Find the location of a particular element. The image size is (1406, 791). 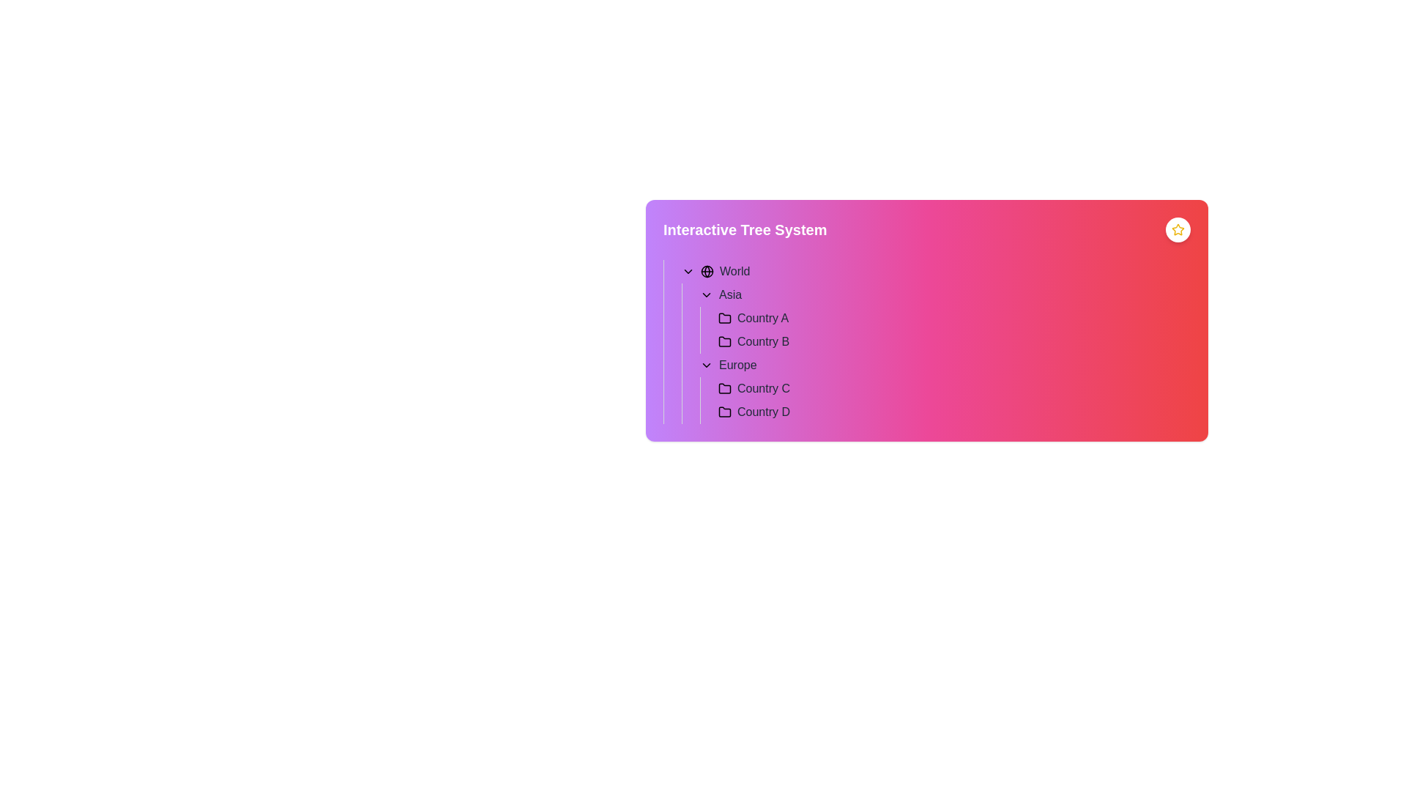

the chevron-down icon that controls the expansion and collapse of the 'Asia' branch in the tree menu is located at coordinates (706, 294).